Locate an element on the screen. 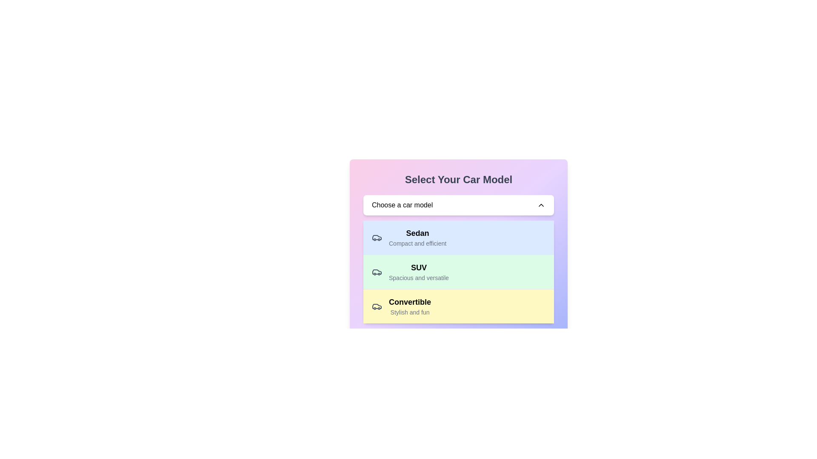  the 'SUV' label that features a car icon and descriptive text, styled with bold and smaller fonts, located under the 'Select Your Car Model' heading is located at coordinates (410, 272).